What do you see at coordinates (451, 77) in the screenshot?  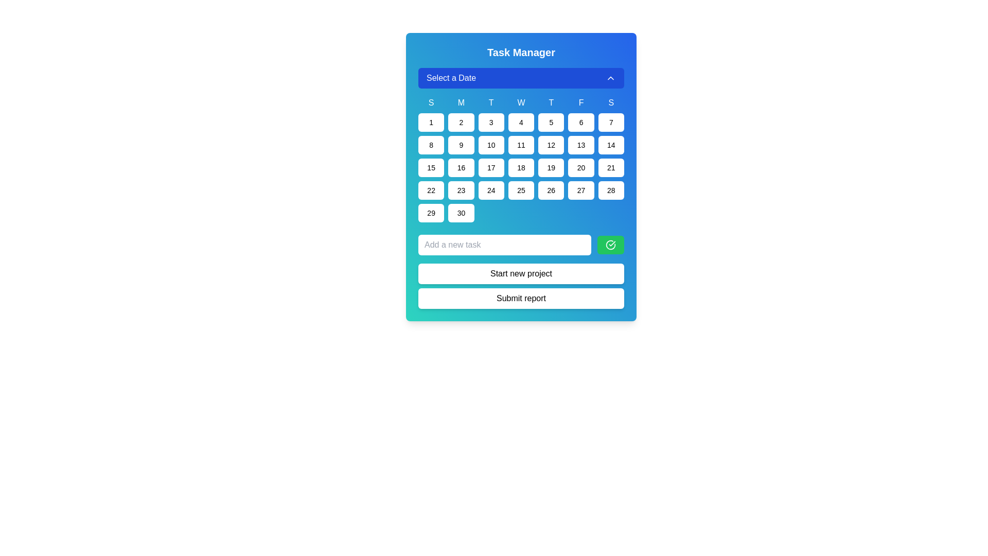 I see `the text label within the dropdown button on the 'Task Manager' interface, which is positioned to the left of the dropdown arrow icon` at bounding box center [451, 77].